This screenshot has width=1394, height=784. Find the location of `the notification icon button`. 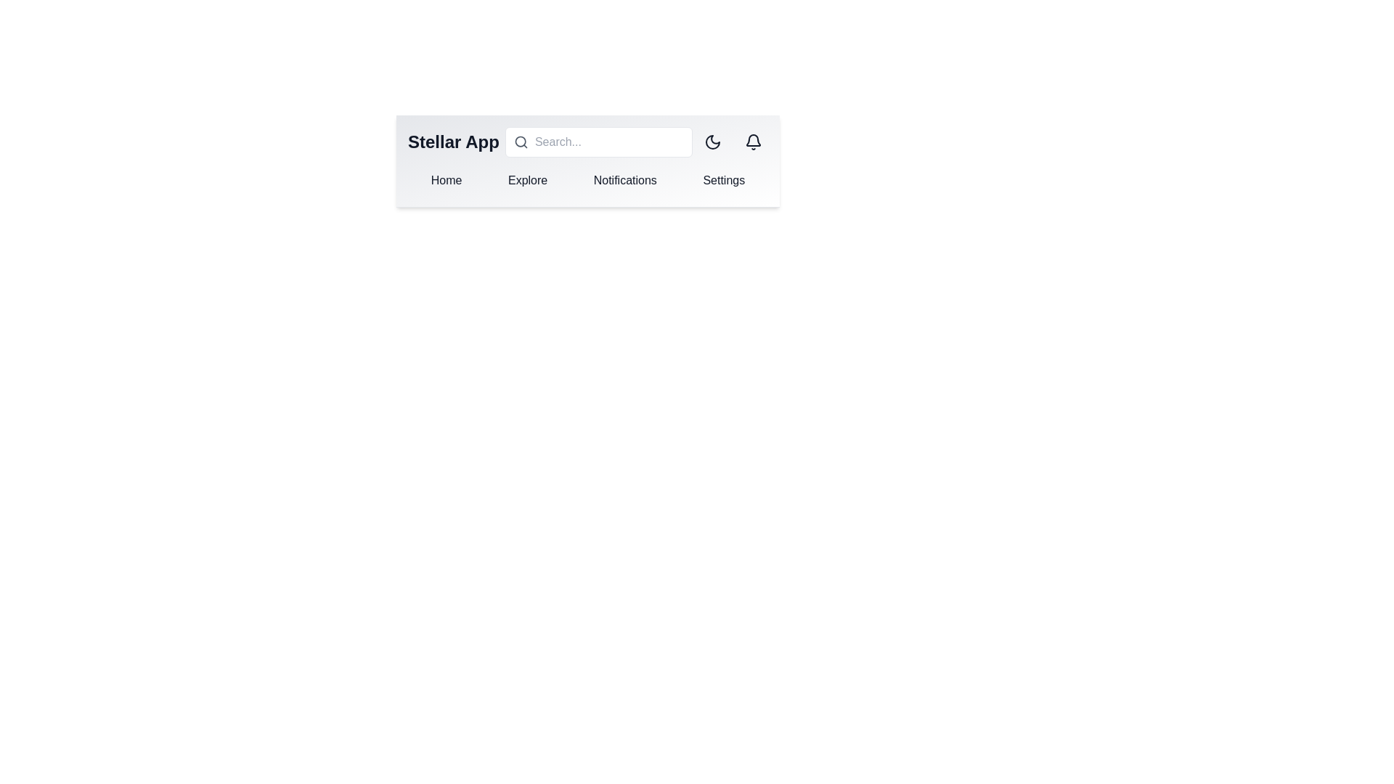

the notification icon button is located at coordinates (753, 142).